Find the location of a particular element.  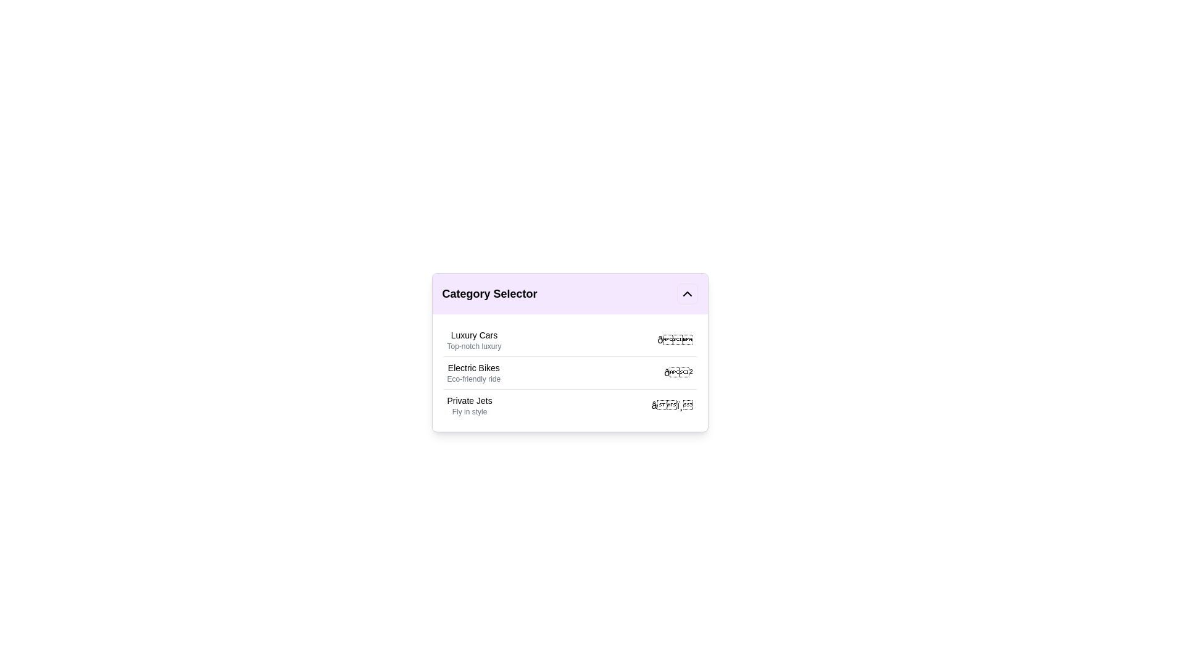

the Dropdown or list selector interface for categories: Luxury Cars, Electric Bikes, and Private Jets is located at coordinates (569, 352).